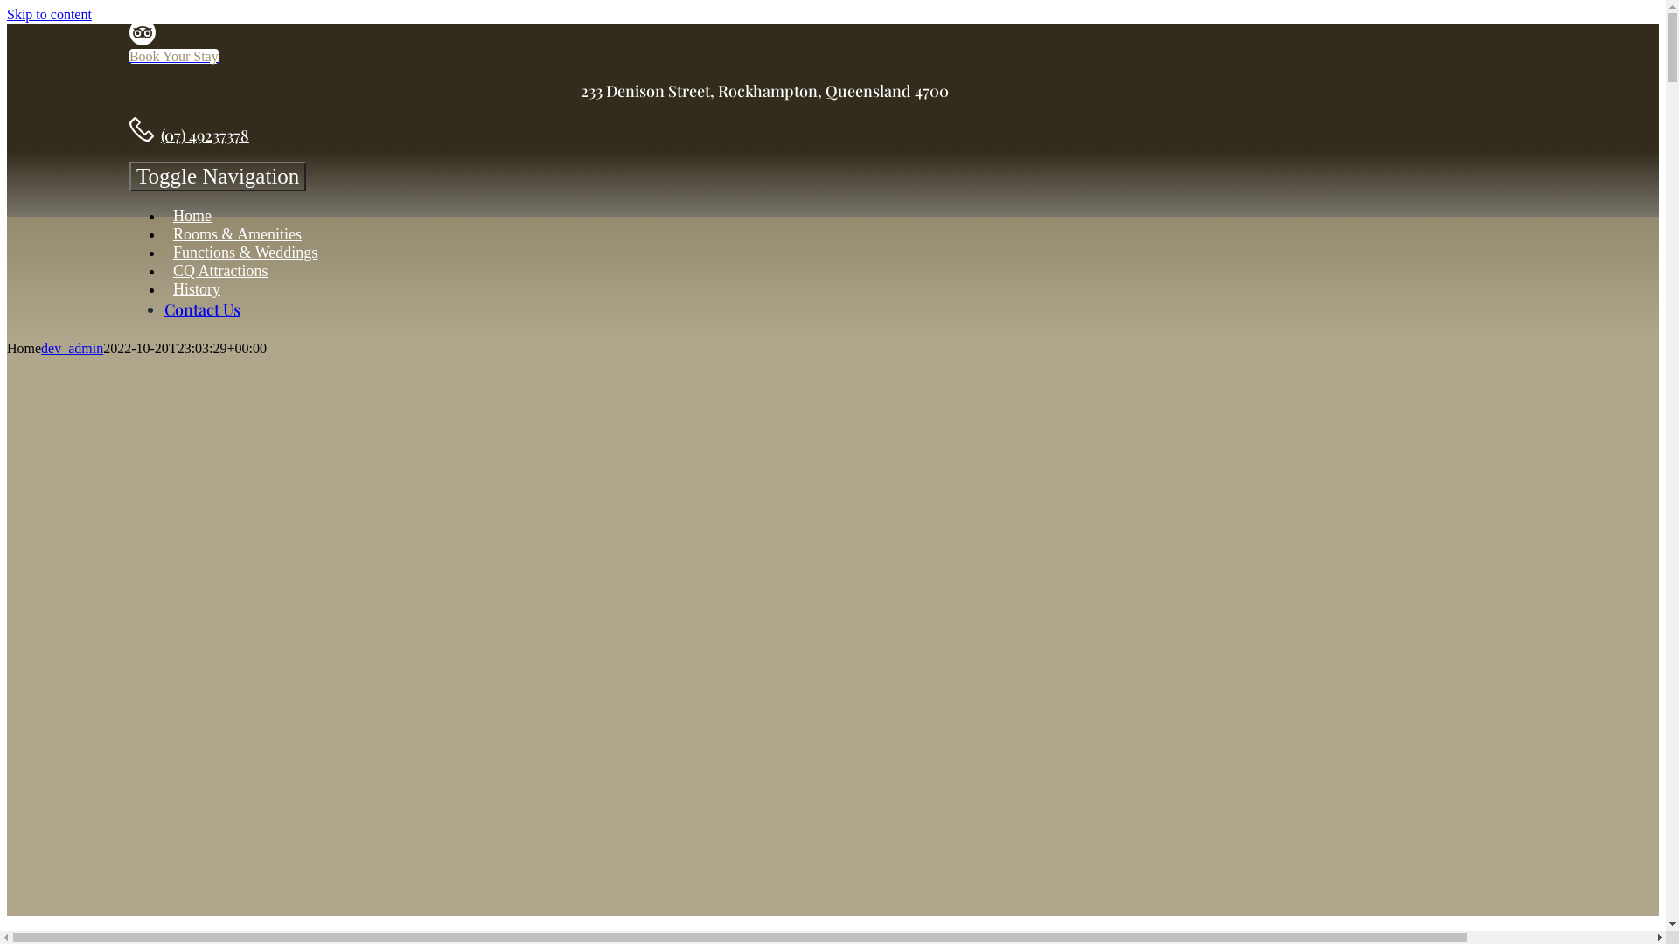 This screenshot has width=1679, height=944. I want to click on 'Rooms & Amenities', so click(236, 233).